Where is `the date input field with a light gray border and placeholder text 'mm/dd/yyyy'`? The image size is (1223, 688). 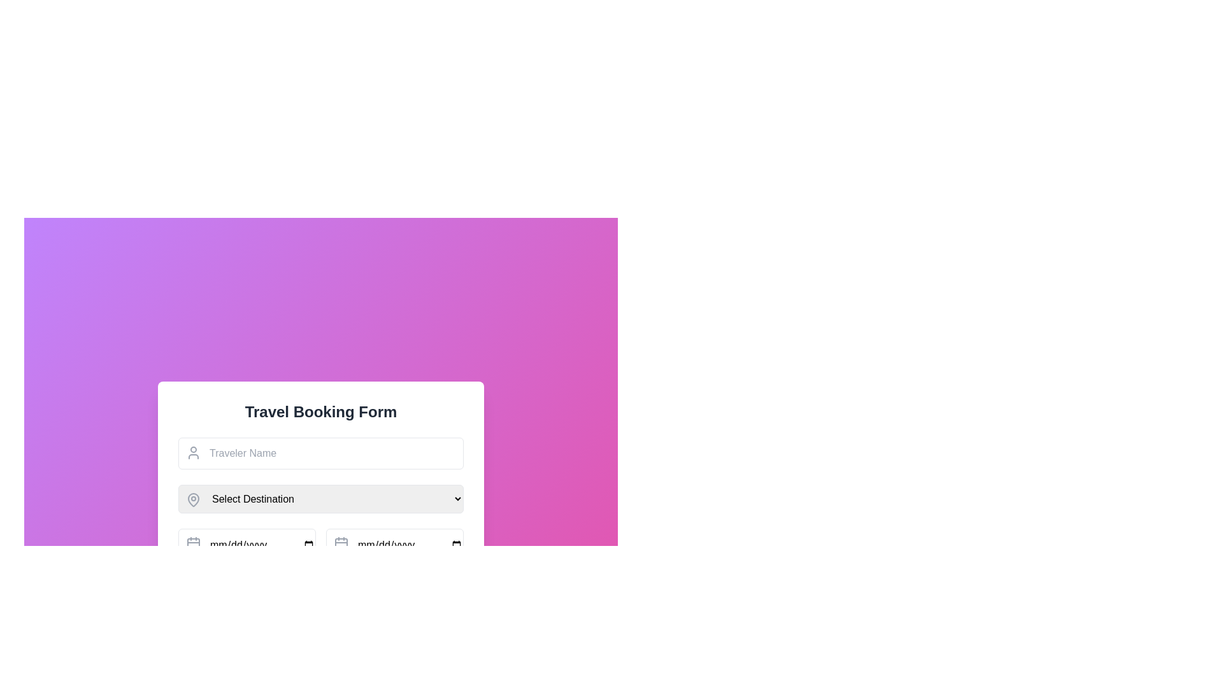 the date input field with a light gray border and placeholder text 'mm/dd/yyyy' is located at coordinates (247, 545).